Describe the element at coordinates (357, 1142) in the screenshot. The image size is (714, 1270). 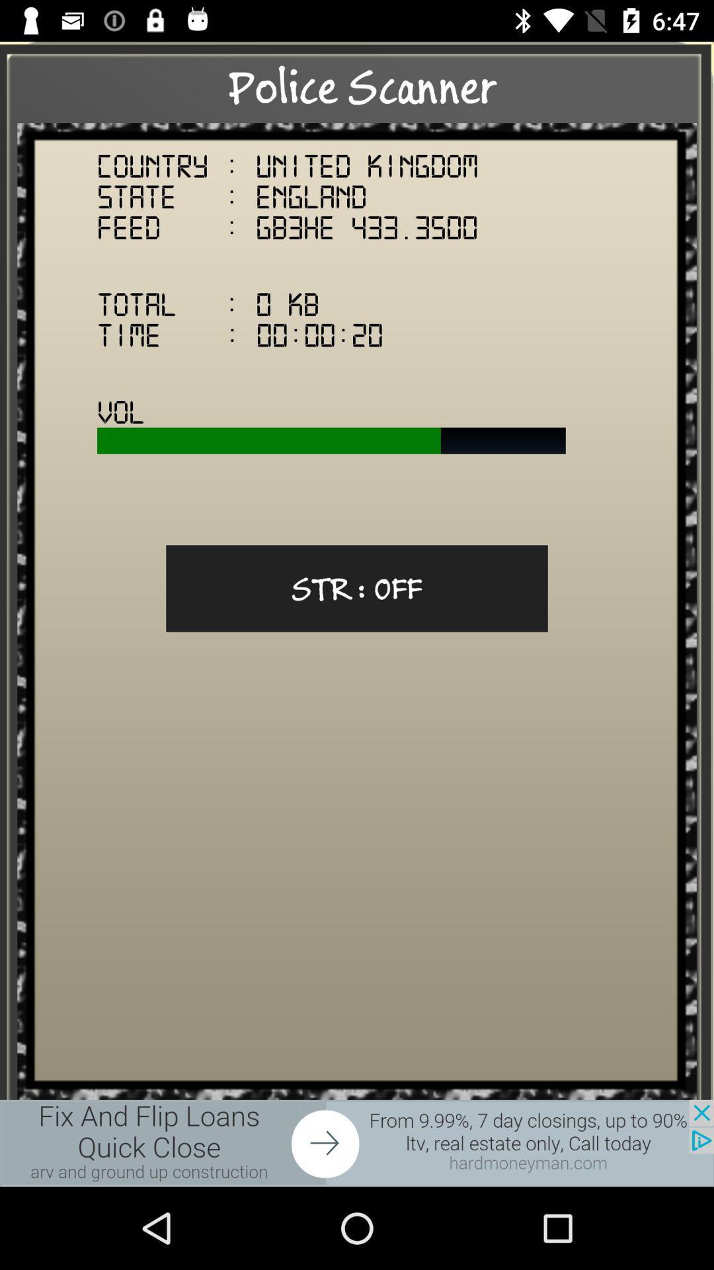
I see `showing advertisements` at that location.